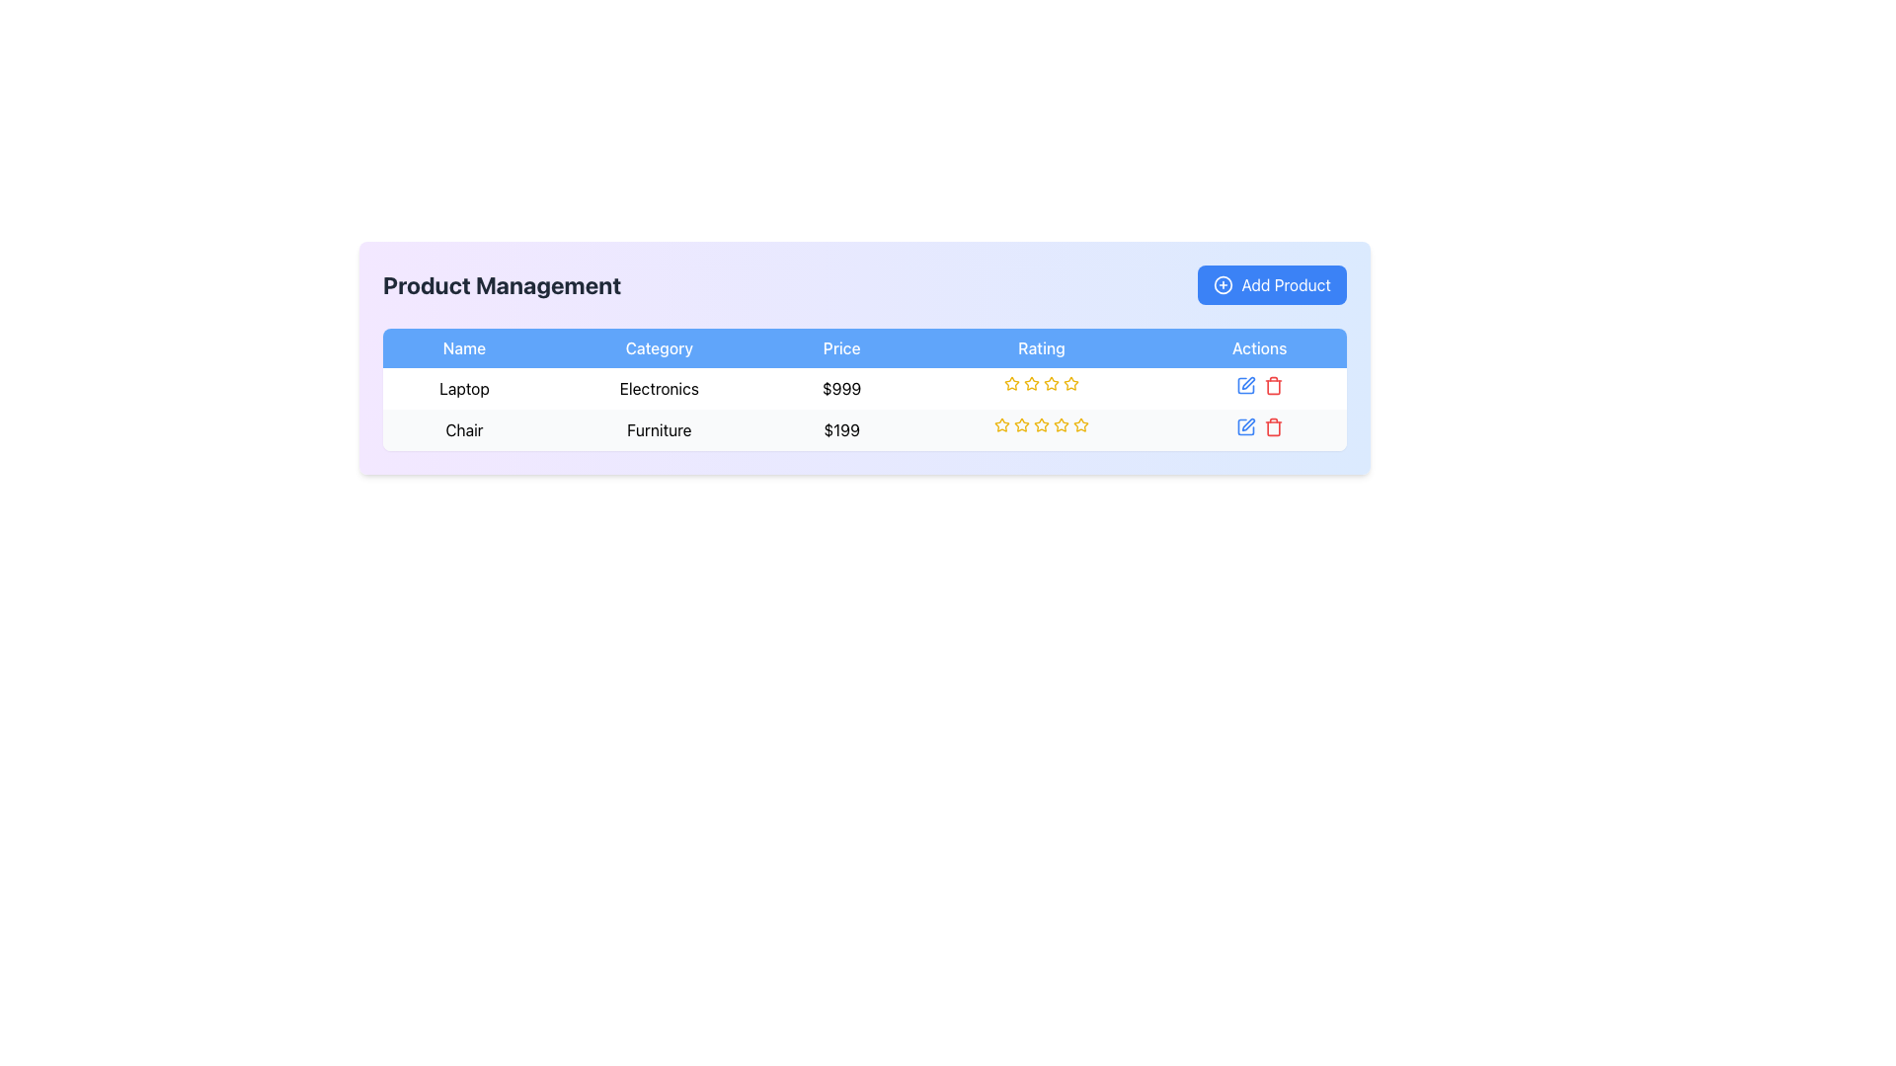 Image resolution: width=1896 pixels, height=1066 pixels. What do you see at coordinates (659, 347) in the screenshot?
I see `the 'Category' column header in the table layout, which is the second column header positioned between 'Name' and 'Price'` at bounding box center [659, 347].